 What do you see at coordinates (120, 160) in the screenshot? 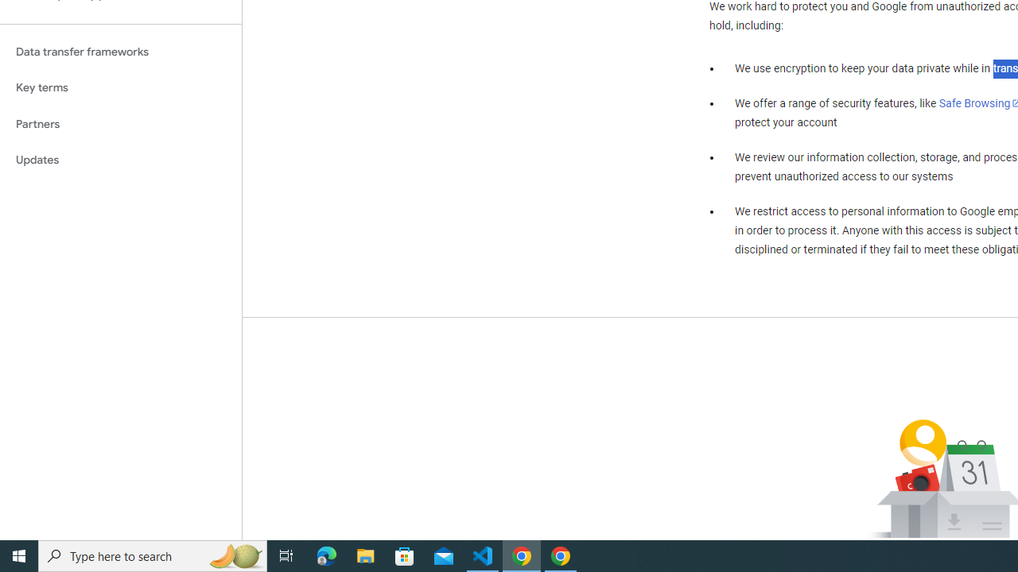
I see `'Updates'` at bounding box center [120, 160].